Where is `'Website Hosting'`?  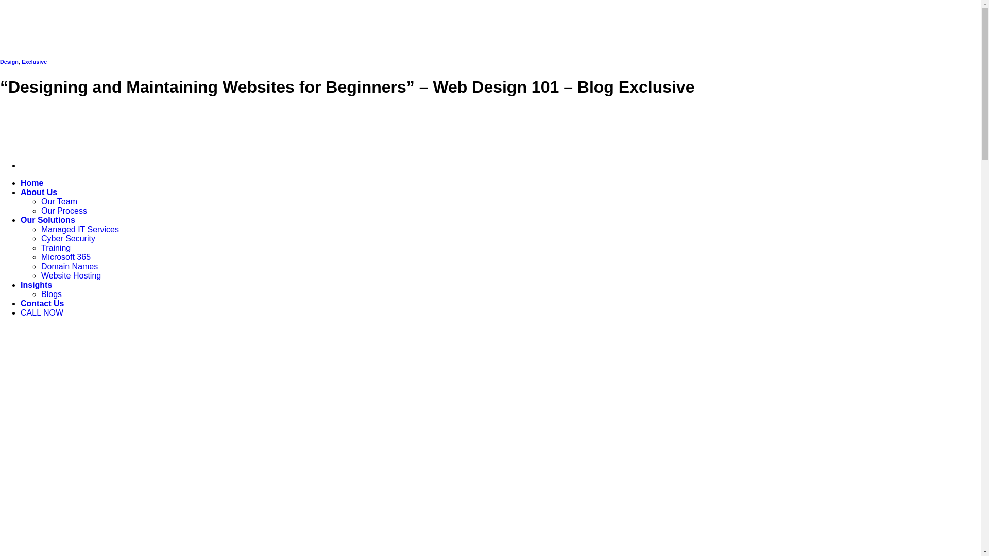
'Website Hosting' is located at coordinates (71, 275).